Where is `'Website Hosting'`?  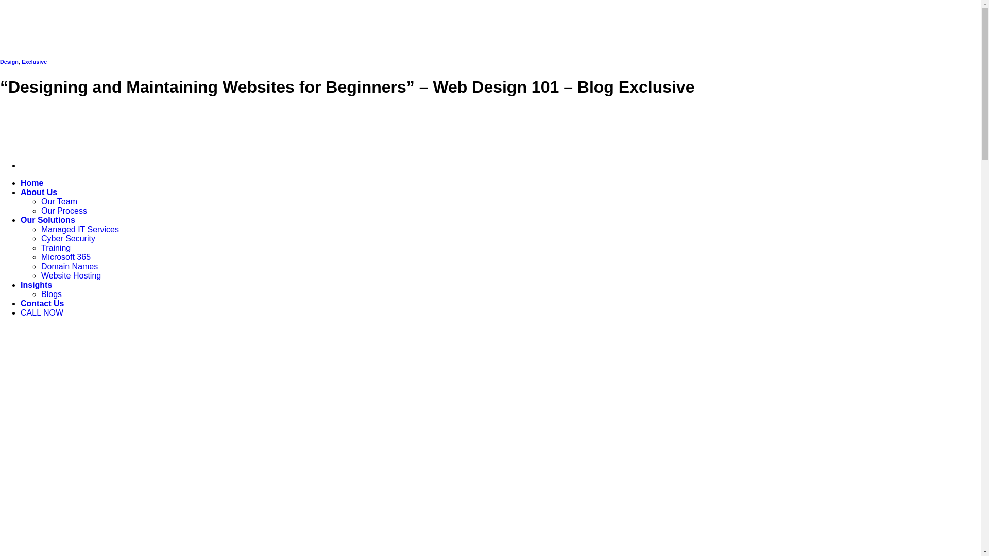
'Website Hosting' is located at coordinates (71, 275).